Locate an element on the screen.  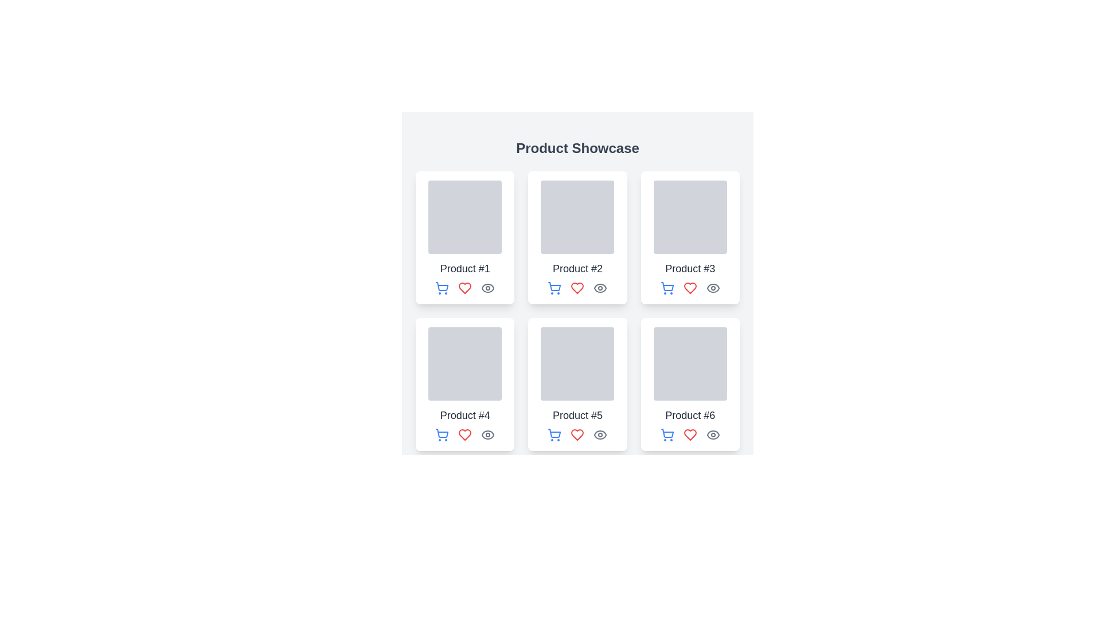
the favorite button located under the 'Product #6' card in the second row of icons to mark the product as a favorite is located at coordinates (689, 435).